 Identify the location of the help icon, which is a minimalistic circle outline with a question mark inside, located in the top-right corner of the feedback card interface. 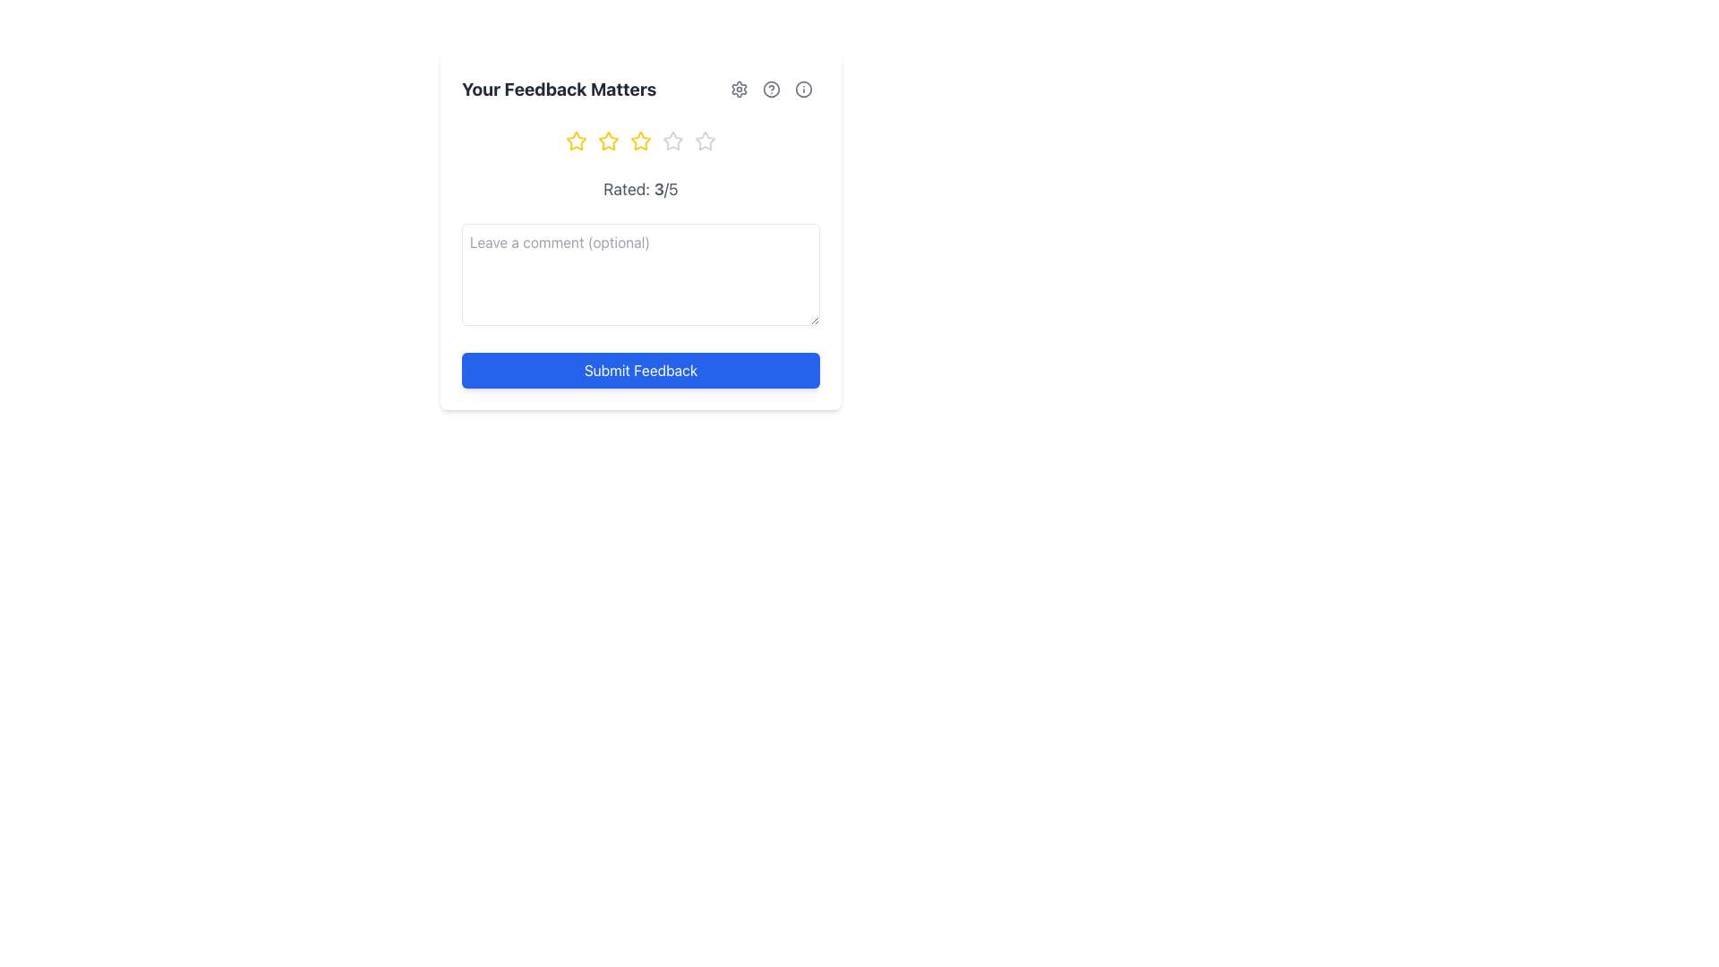
(772, 90).